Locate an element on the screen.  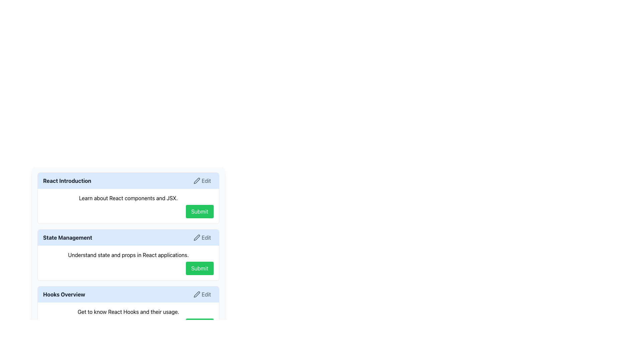
the 'Edit' icon located in the header of the React Introduction card, positioned near the top-right corner is located at coordinates (197, 180).